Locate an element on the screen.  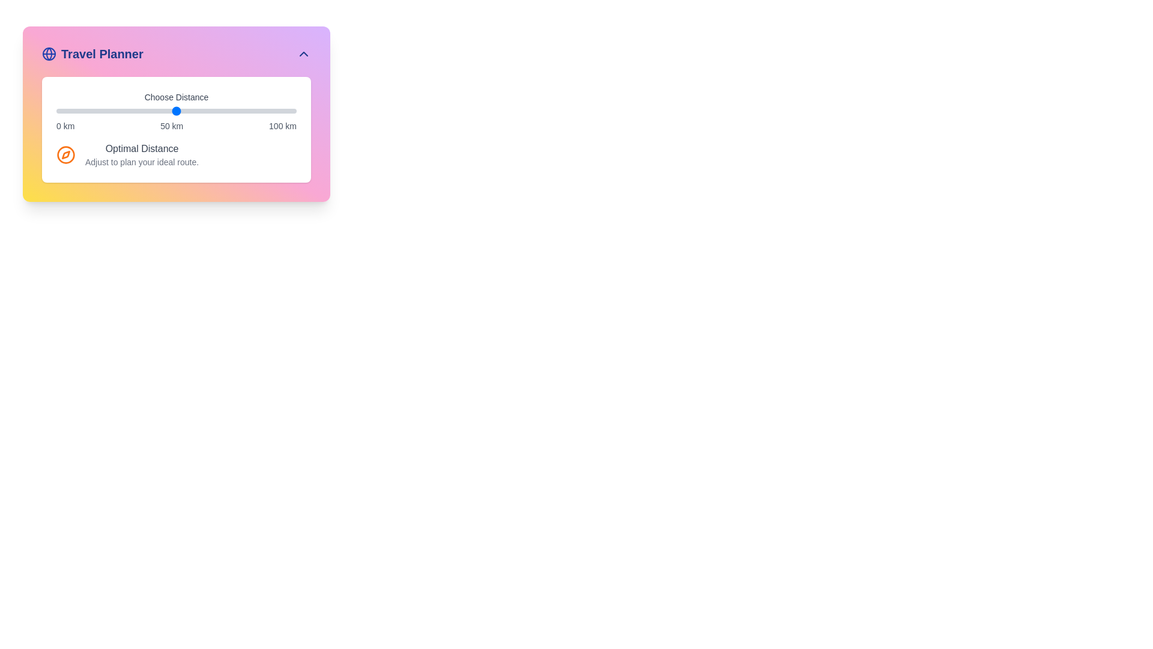
the slider is located at coordinates (152, 111).